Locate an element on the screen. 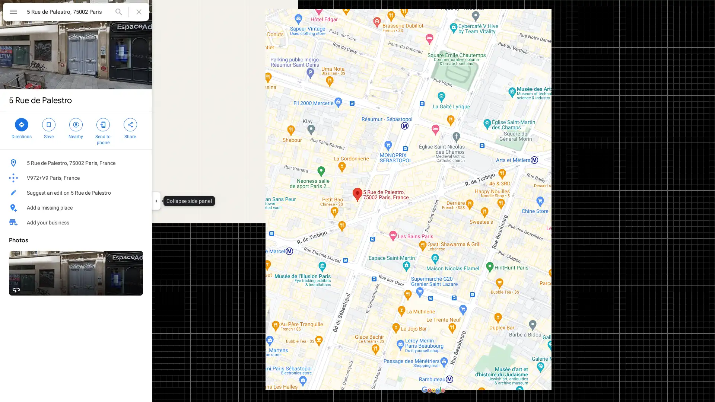  Copy address is located at coordinates (138, 163).